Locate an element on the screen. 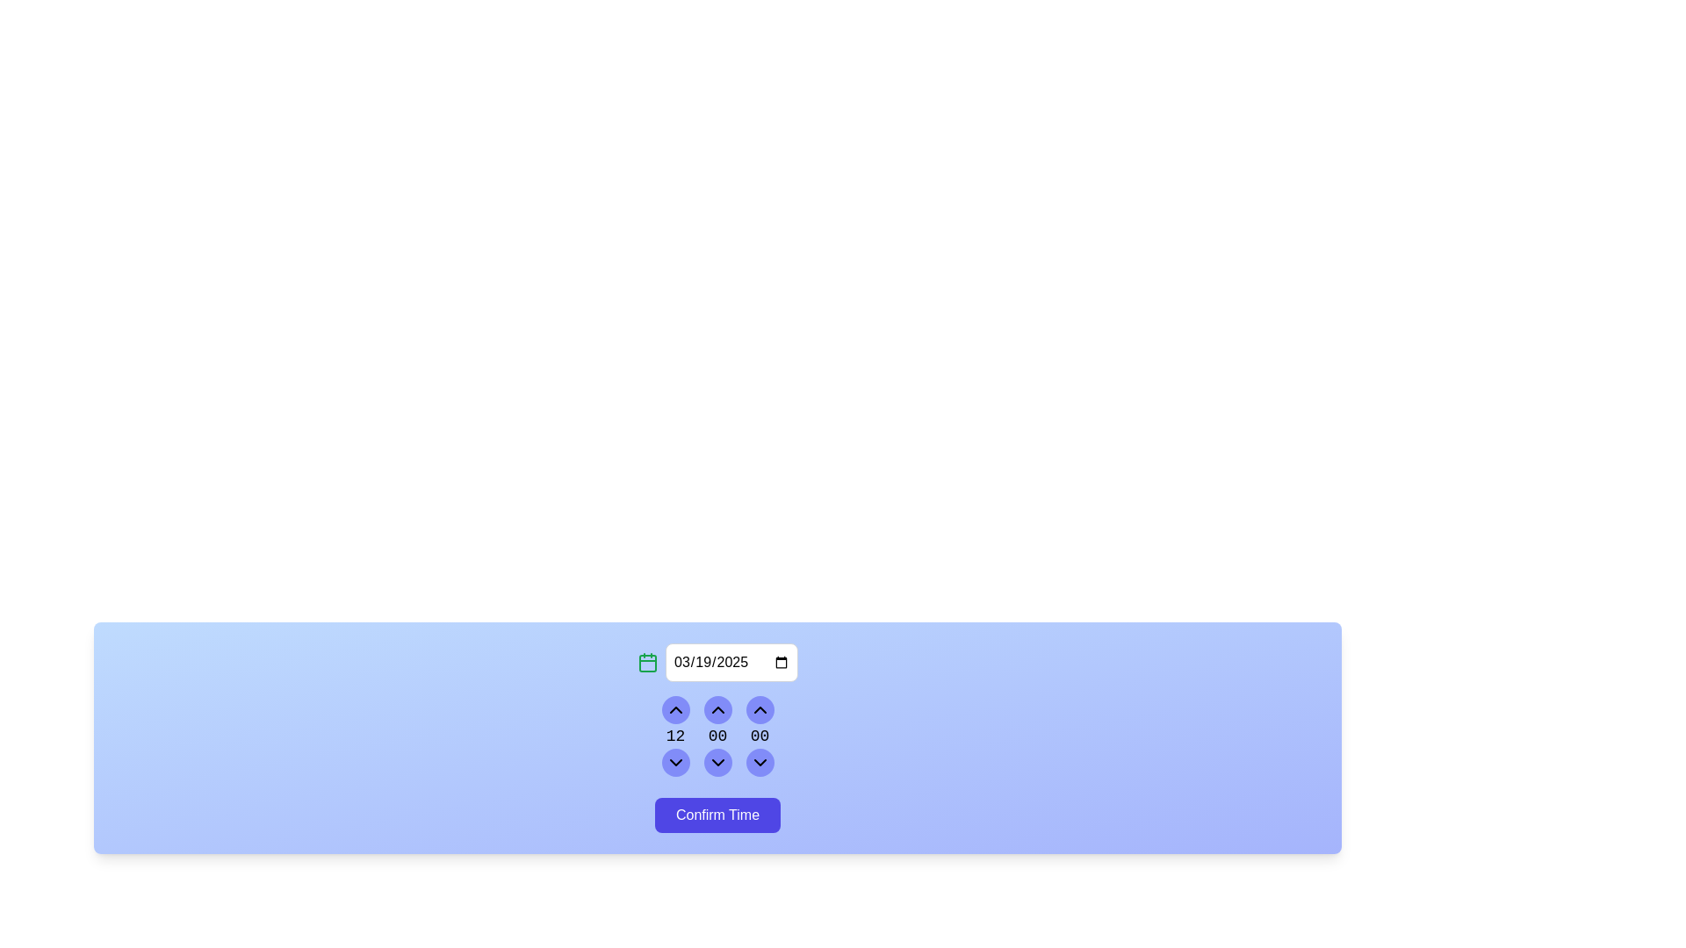  the decrement button located below the '12' text is located at coordinates (674, 761).